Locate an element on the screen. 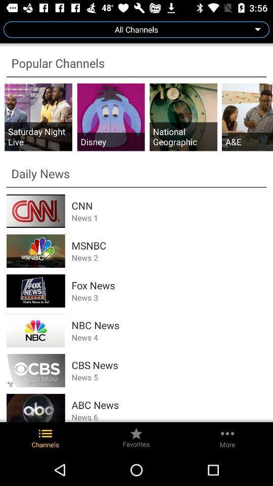 Image resolution: width=273 pixels, height=486 pixels. msnbc app is located at coordinates (169, 245).